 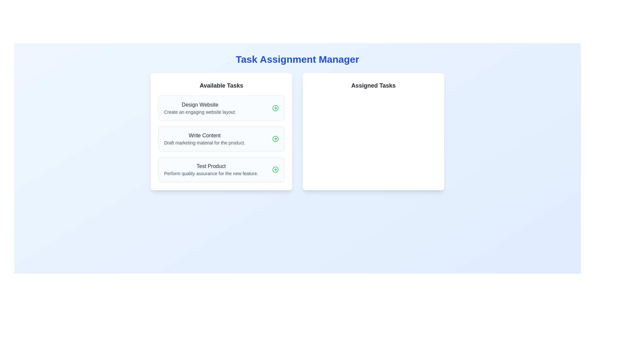 What do you see at coordinates (211, 166) in the screenshot?
I see `the text label representing the task title 'Test Product'` at bounding box center [211, 166].